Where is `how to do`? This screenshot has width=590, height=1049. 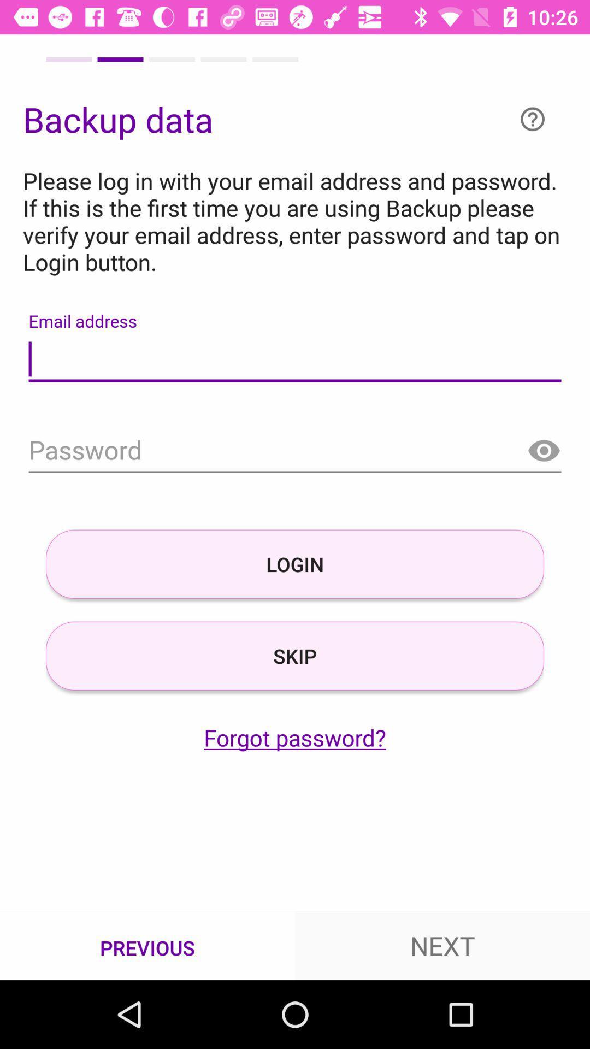 how to do is located at coordinates (532, 119).